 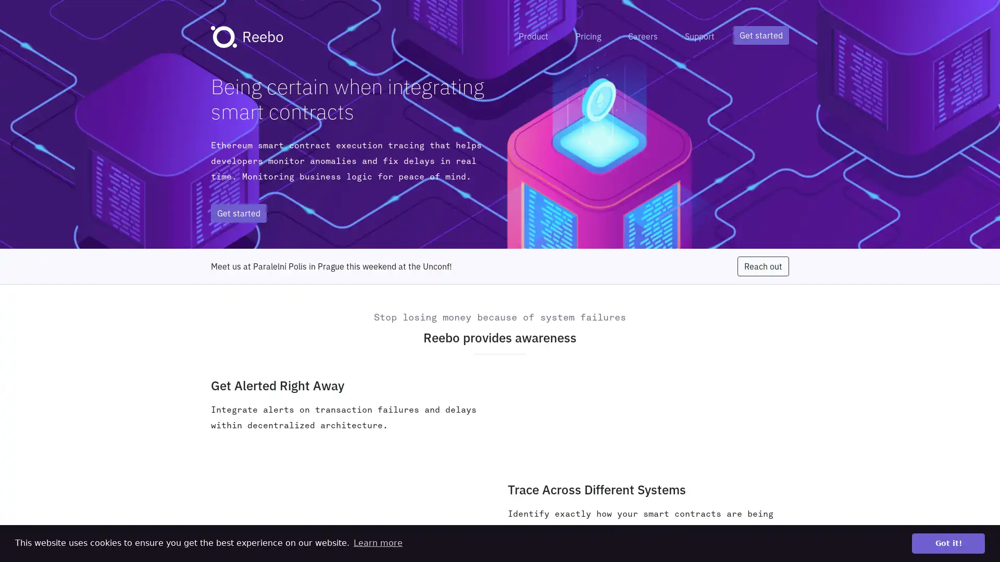 What do you see at coordinates (238, 212) in the screenshot?
I see `Get started` at bounding box center [238, 212].